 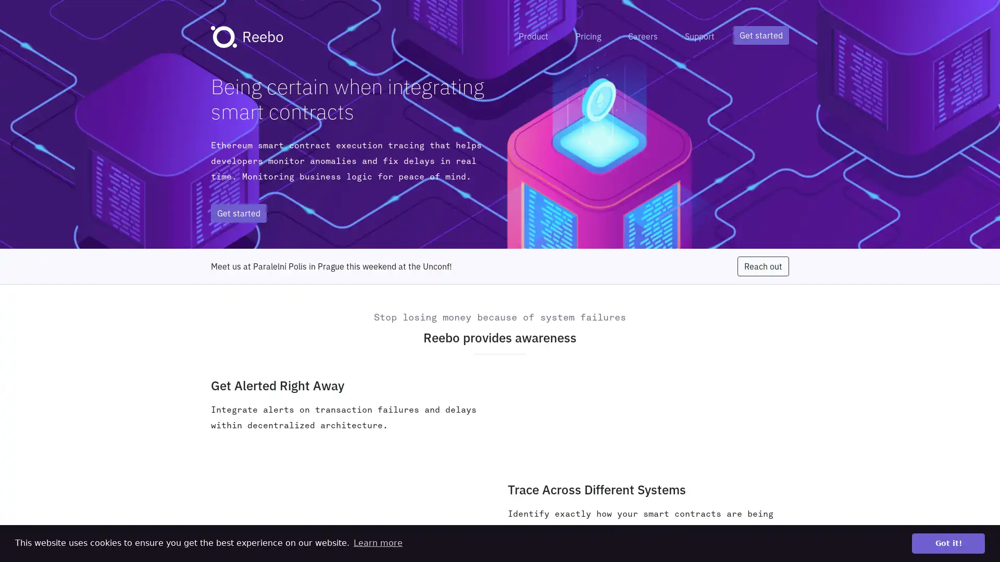 What do you see at coordinates (238, 212) in the screenshot?
I see `Get started` at bounding box center [238, 212].